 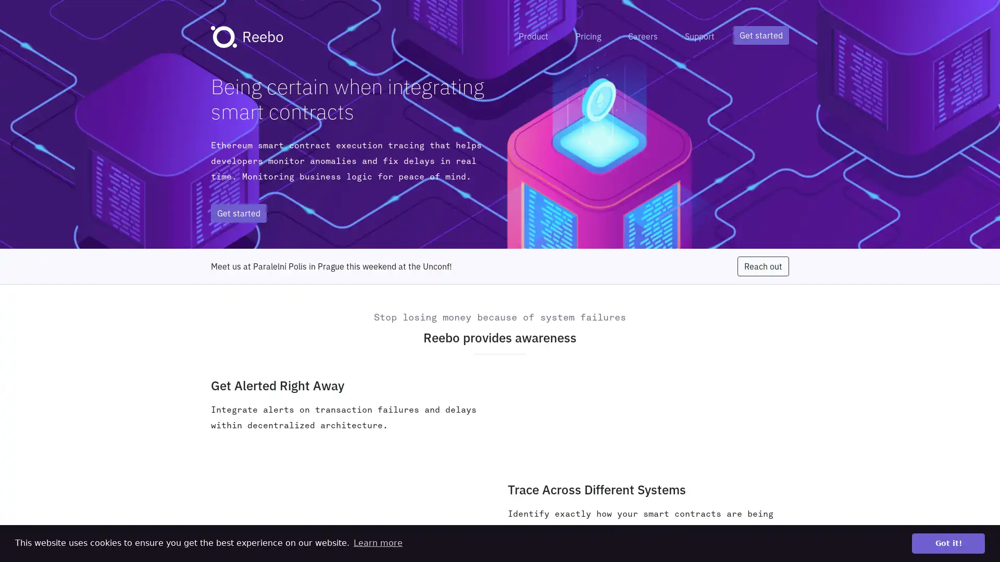 What do you see at coordinates (238, 212) in the screenshot?
I see `Get started` at bounding box center [238, 212].